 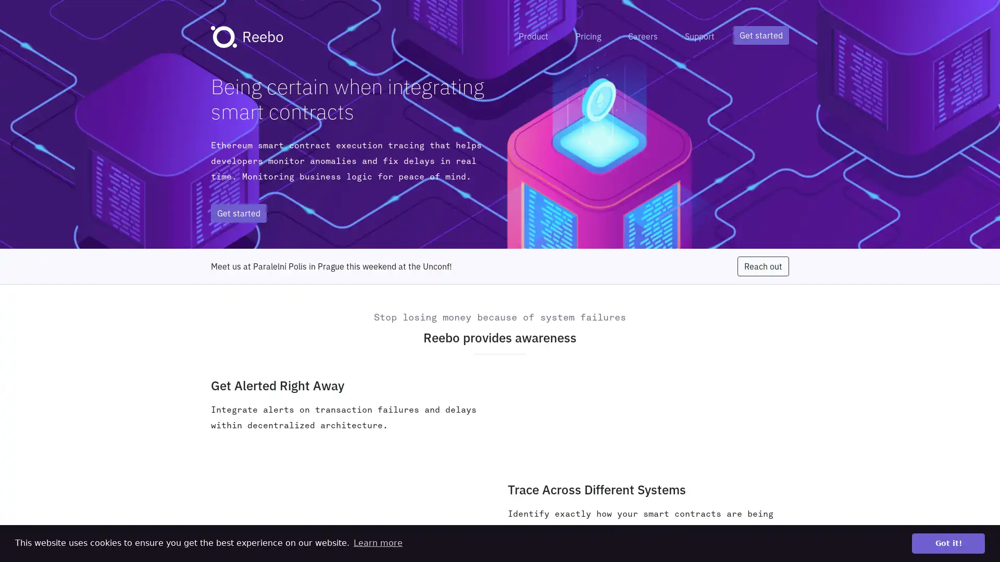 What do you see at coordinates (238, 212) in the screenshot?
I see `Get started` at bounding box center [238, 212].